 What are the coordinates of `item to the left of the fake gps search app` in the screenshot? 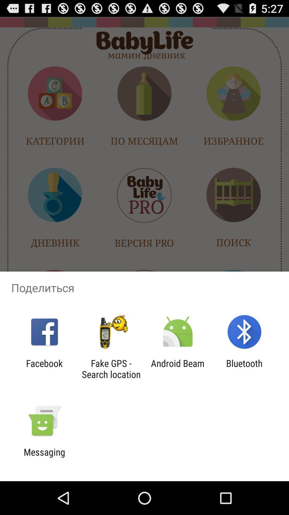 It's located at (44, 369).